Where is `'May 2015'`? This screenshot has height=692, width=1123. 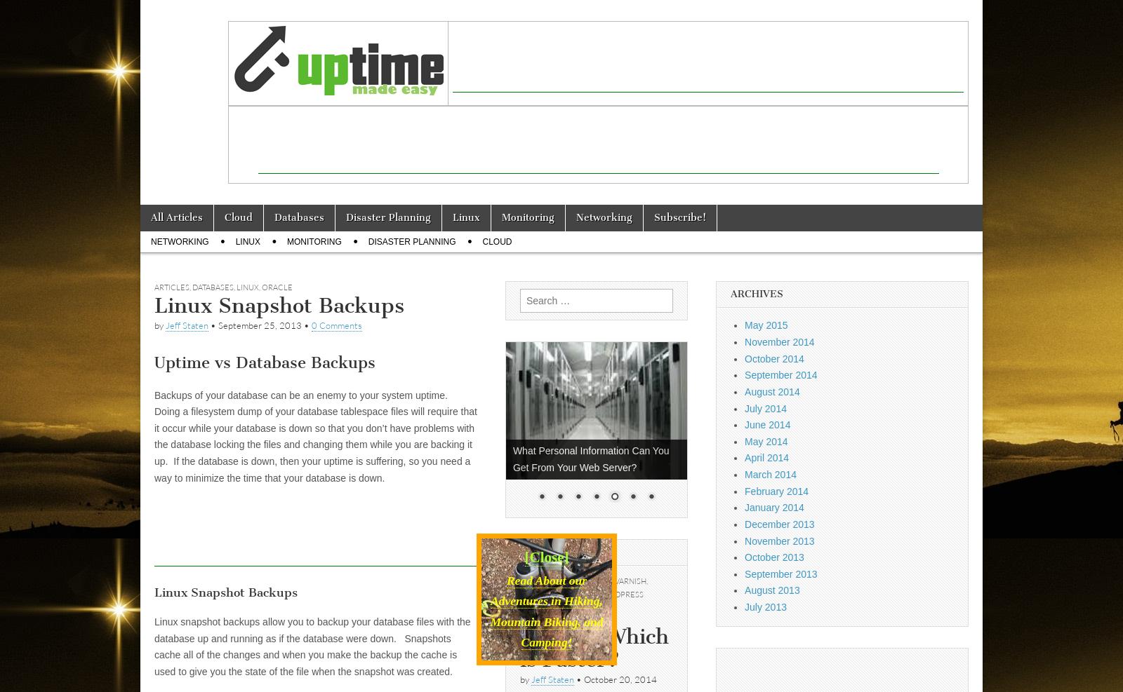 'May 2015' is located at coordinates (744, 324).